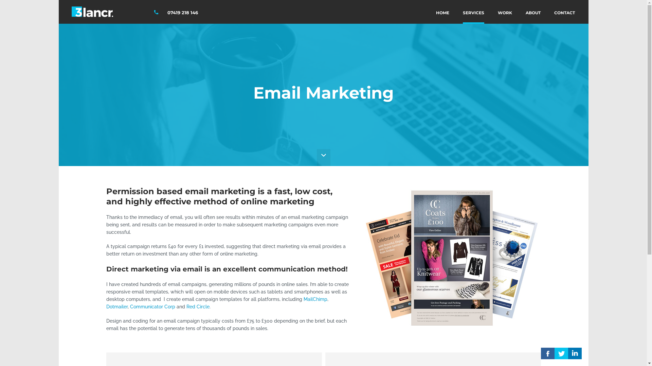  I want to click on 'E', so click(554, 353).